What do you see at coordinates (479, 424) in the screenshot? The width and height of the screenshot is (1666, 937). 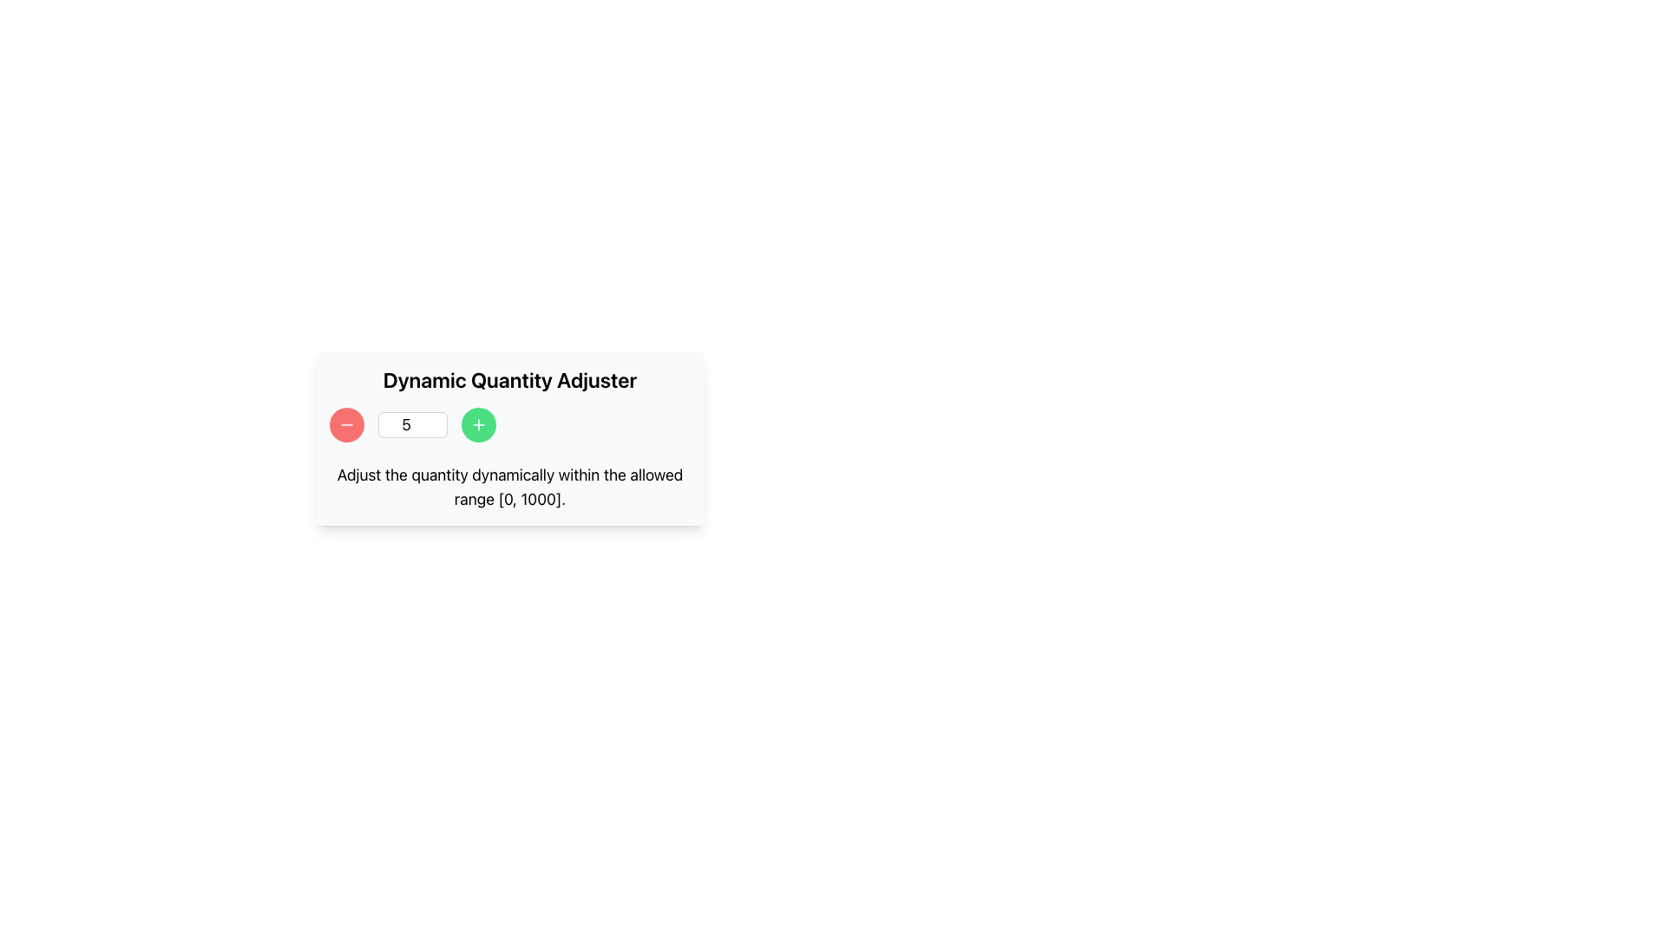 I see `the green circular plus sign SVG icon located to the right of the value input area under the 'Dynamic Quantity Adjuster' title` at bounding box center [479, 424].